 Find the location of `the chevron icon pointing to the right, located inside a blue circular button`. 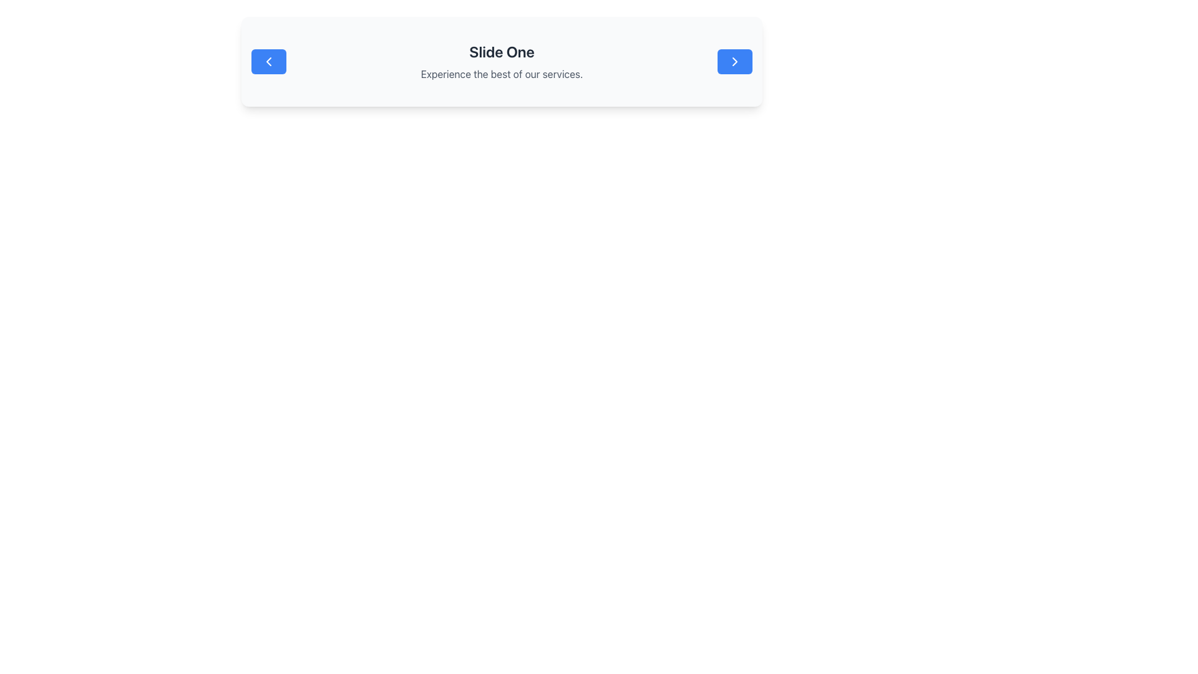

the chevron icon pointing to the right, located inside a blue circular button is located at coordinates (734, 62).